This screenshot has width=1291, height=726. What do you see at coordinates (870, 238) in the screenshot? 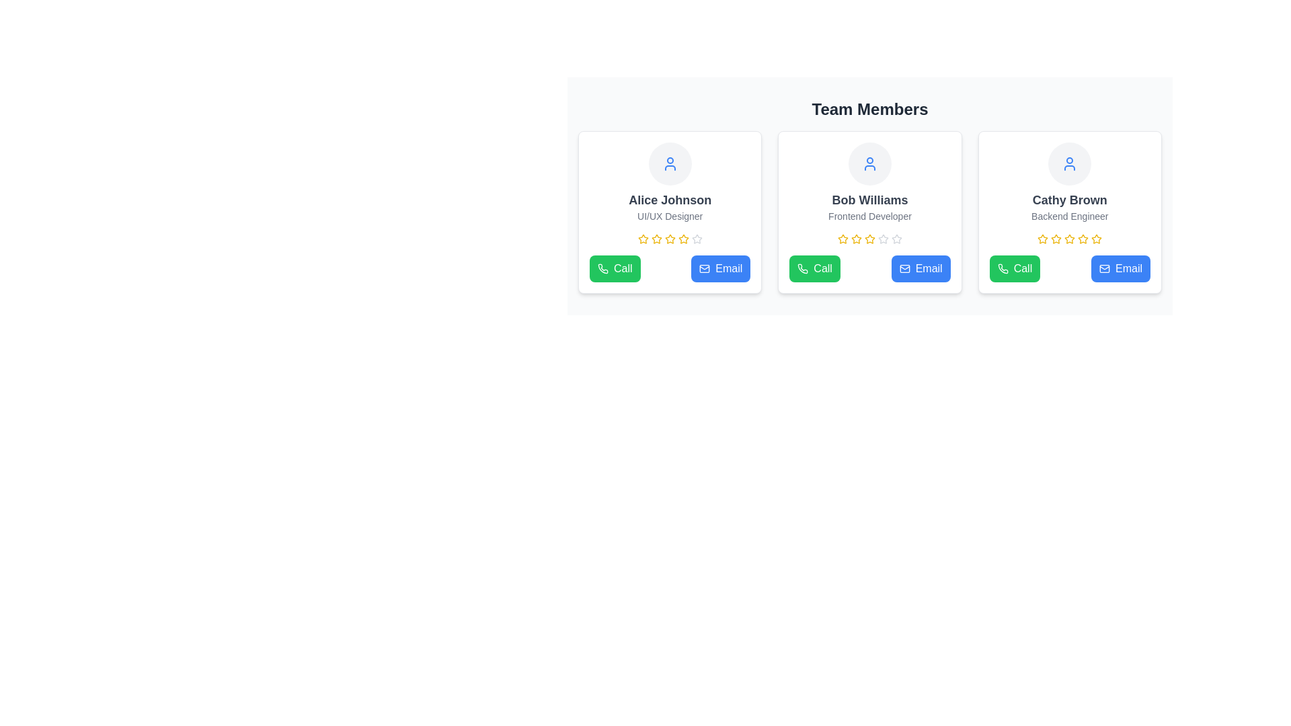
I see `the yellow star in the Rating component for 'Bob Williams' to adjust the rating` at bounding box center [870, 238].